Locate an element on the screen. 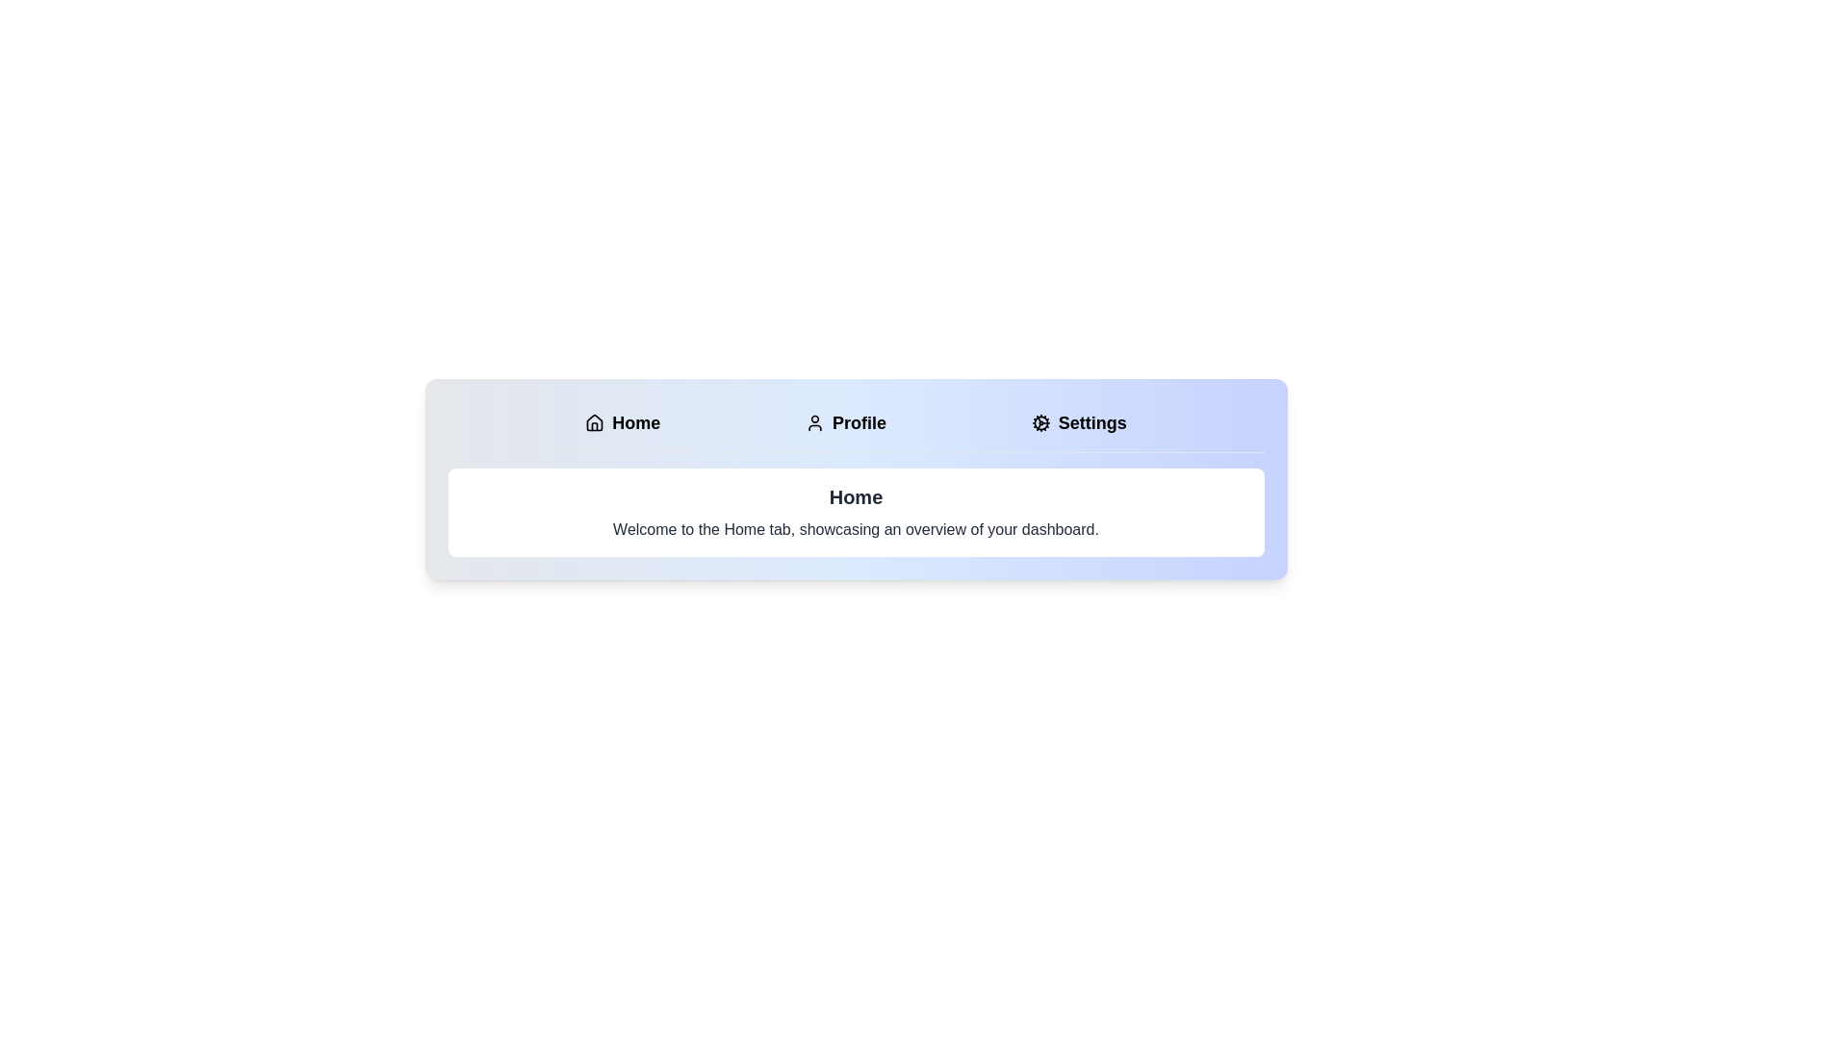 Image resolution: width=1848 pixels, height=1039 pixels. the 'Settings' button, which displays a cog icon and bold text, to trigger navigation is located at coordinates (1079, 421).